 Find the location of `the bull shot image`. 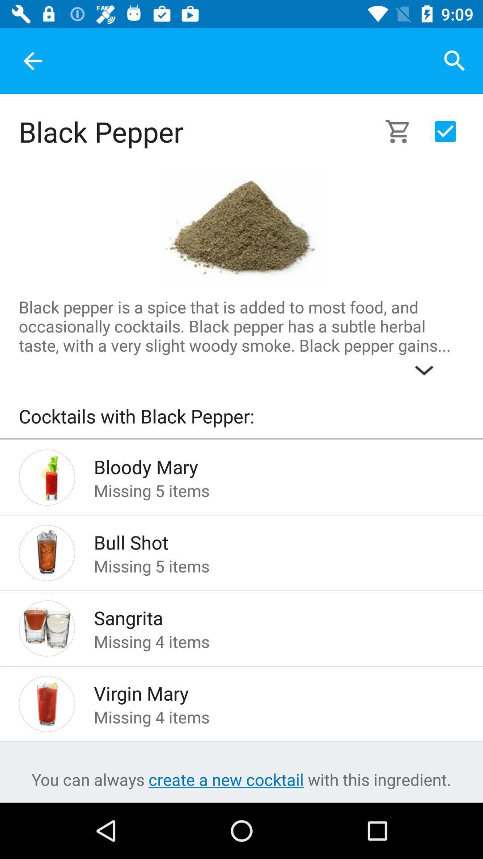

the bull shot image is located at coordinates (47, 552).